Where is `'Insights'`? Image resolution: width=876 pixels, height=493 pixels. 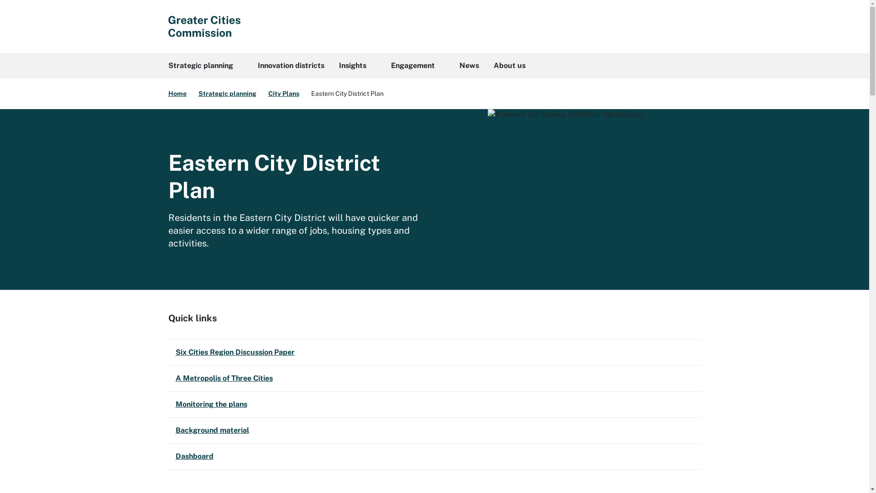 'Insights' is located at coordinates (356, 65).